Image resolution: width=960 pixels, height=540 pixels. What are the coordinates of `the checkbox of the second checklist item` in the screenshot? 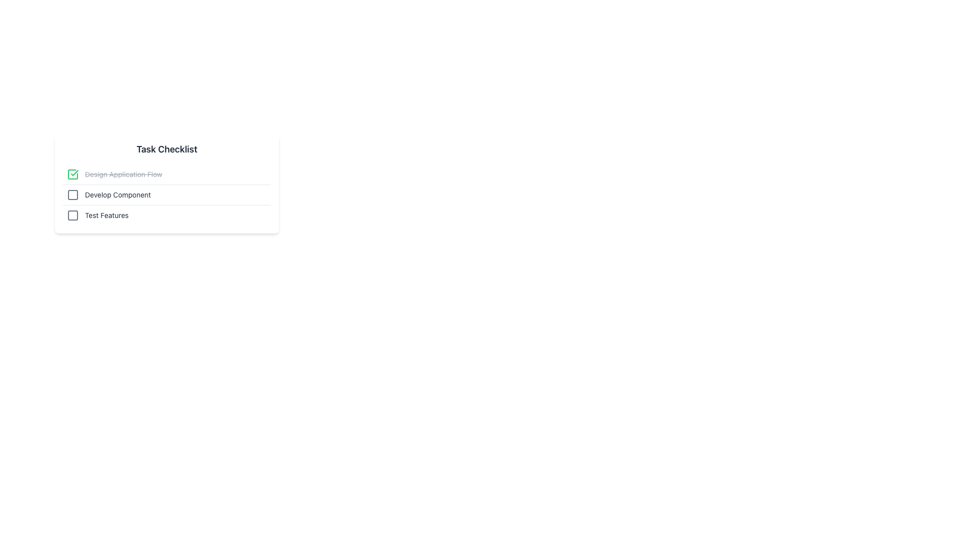 It's located at (167, 194).